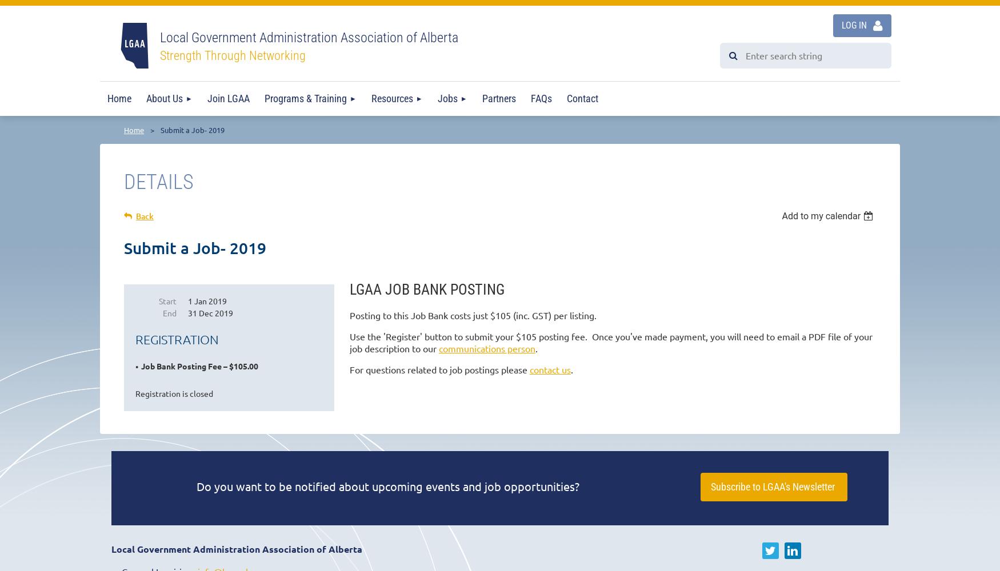 The width and height of the screenshot is (1000, 571). Describe the element at coordinates (176, 339) in the screenshot. I see `'Registration'` at that location.